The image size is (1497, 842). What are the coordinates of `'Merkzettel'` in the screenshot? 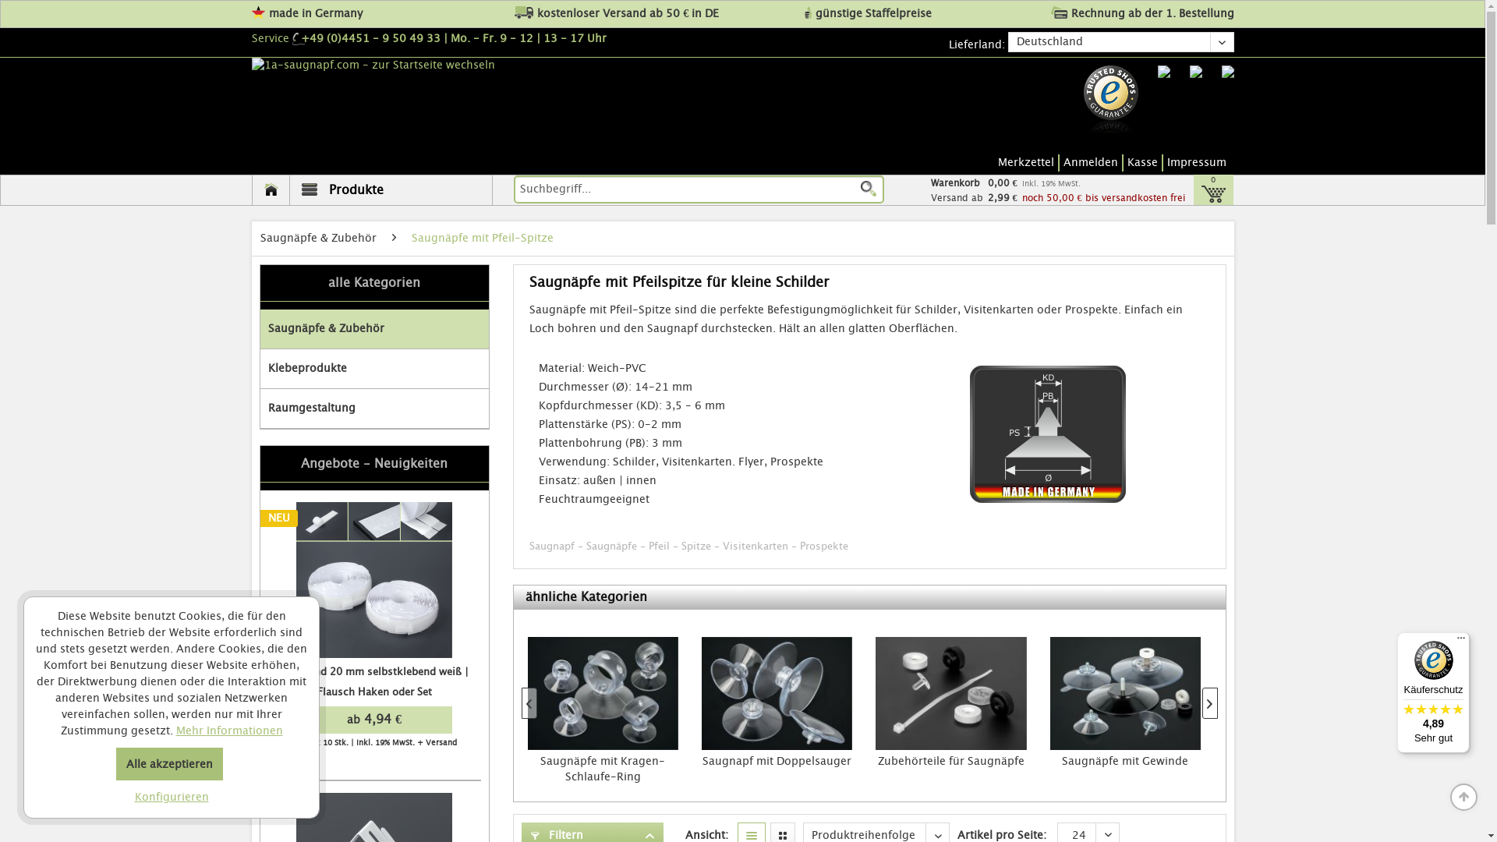 It's located at (1028, 162).